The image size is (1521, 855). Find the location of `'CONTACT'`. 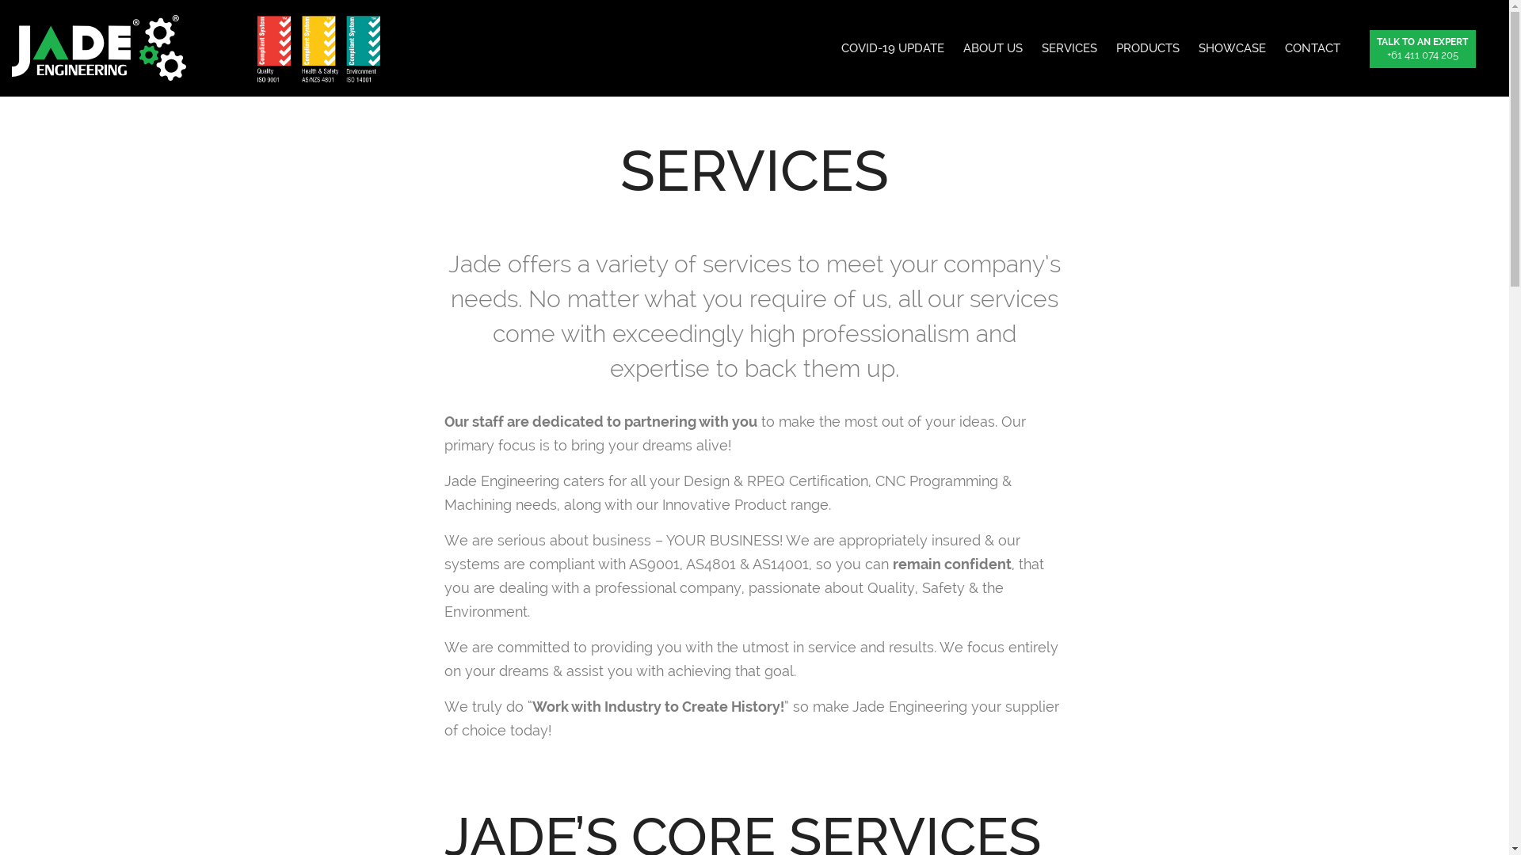

'CONTACT' is located at coordinates (1312, 47).